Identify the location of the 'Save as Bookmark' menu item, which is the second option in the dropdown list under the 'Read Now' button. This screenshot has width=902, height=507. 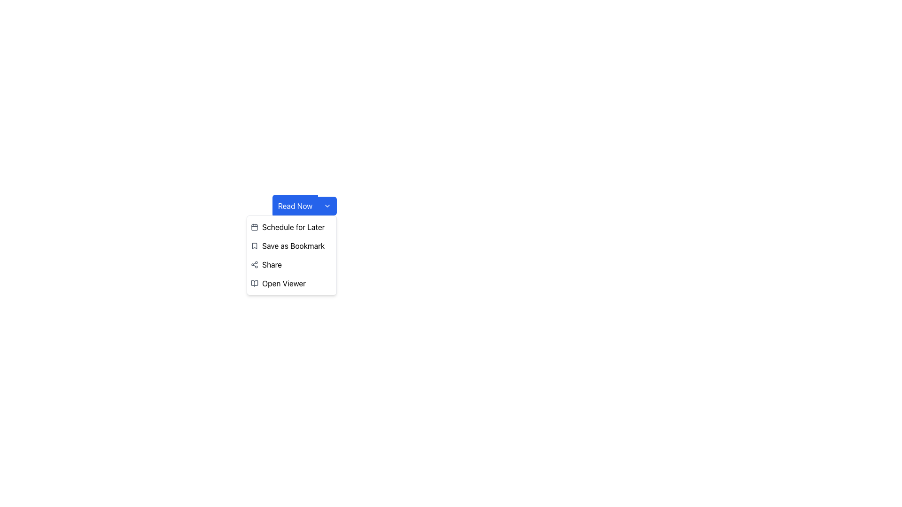
(291, 255).